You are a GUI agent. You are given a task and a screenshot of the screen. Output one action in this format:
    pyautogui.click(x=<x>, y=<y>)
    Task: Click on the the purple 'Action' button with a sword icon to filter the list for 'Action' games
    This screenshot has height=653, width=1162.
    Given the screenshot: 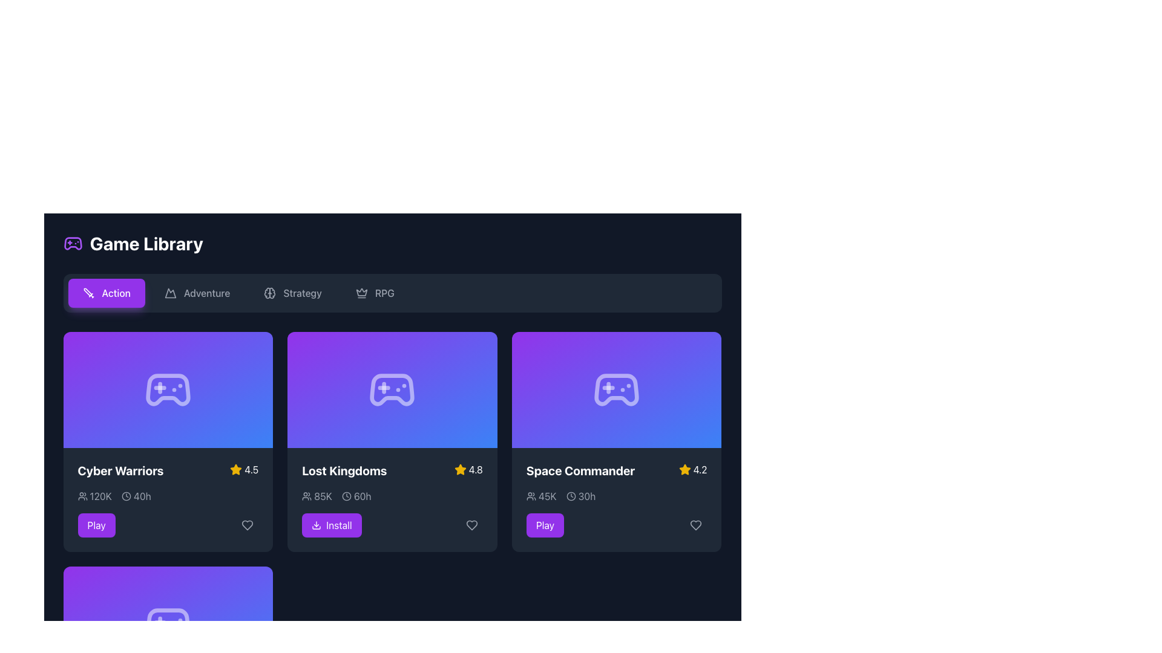 What is the action you would take?
    pyautogui.click(x=107, y=293)
    